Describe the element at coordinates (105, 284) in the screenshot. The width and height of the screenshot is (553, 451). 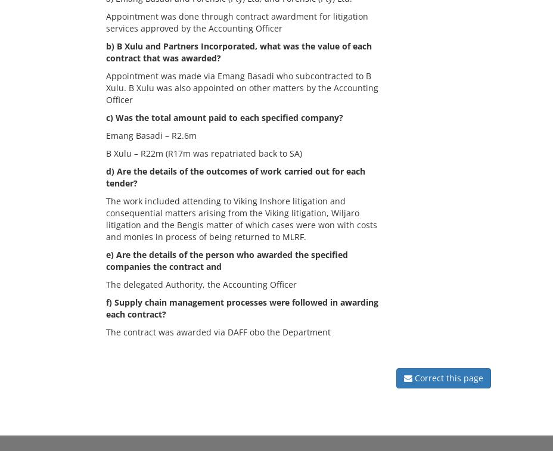
I see `'The delegated Authority, the Accounting Officer'` at that location.